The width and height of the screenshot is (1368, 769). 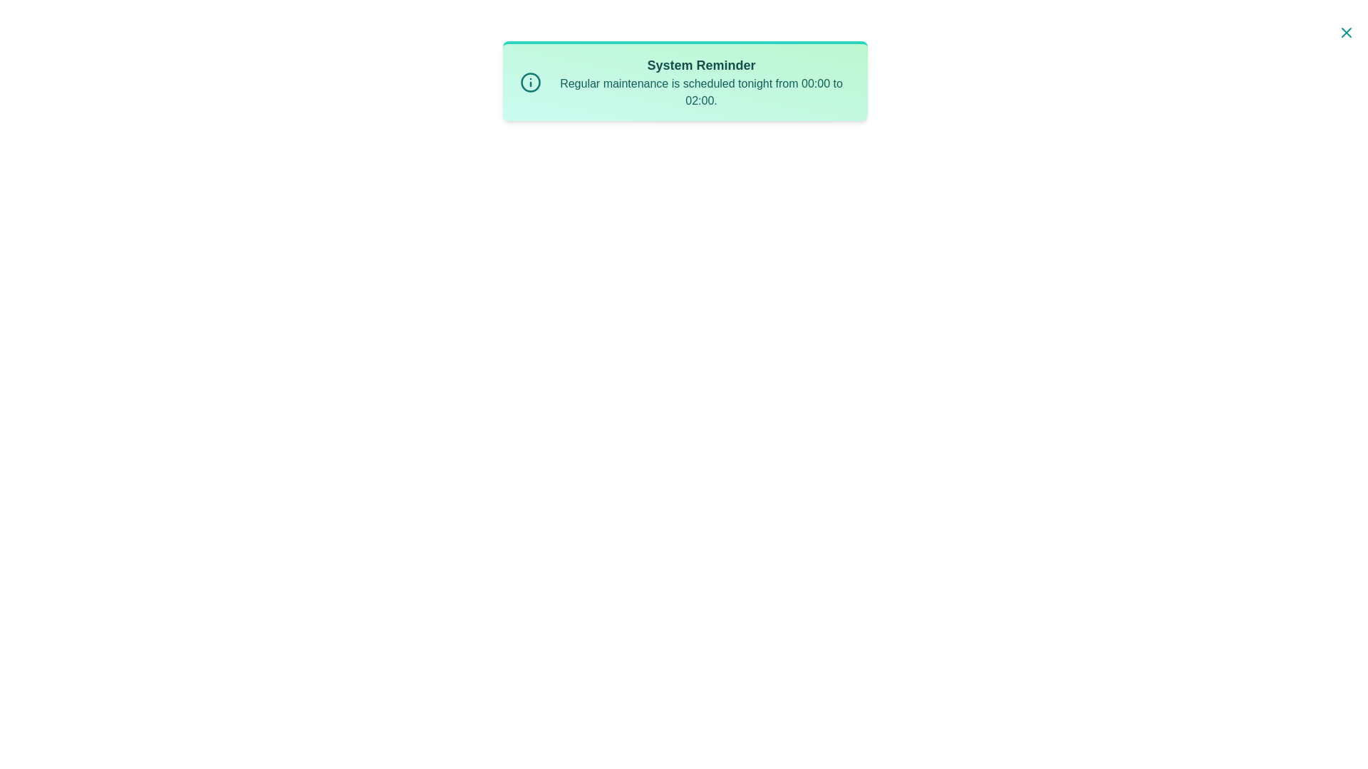 I want to click on close button located at the top-right corner of the notification to hide it, so click(x=1346, y=32).